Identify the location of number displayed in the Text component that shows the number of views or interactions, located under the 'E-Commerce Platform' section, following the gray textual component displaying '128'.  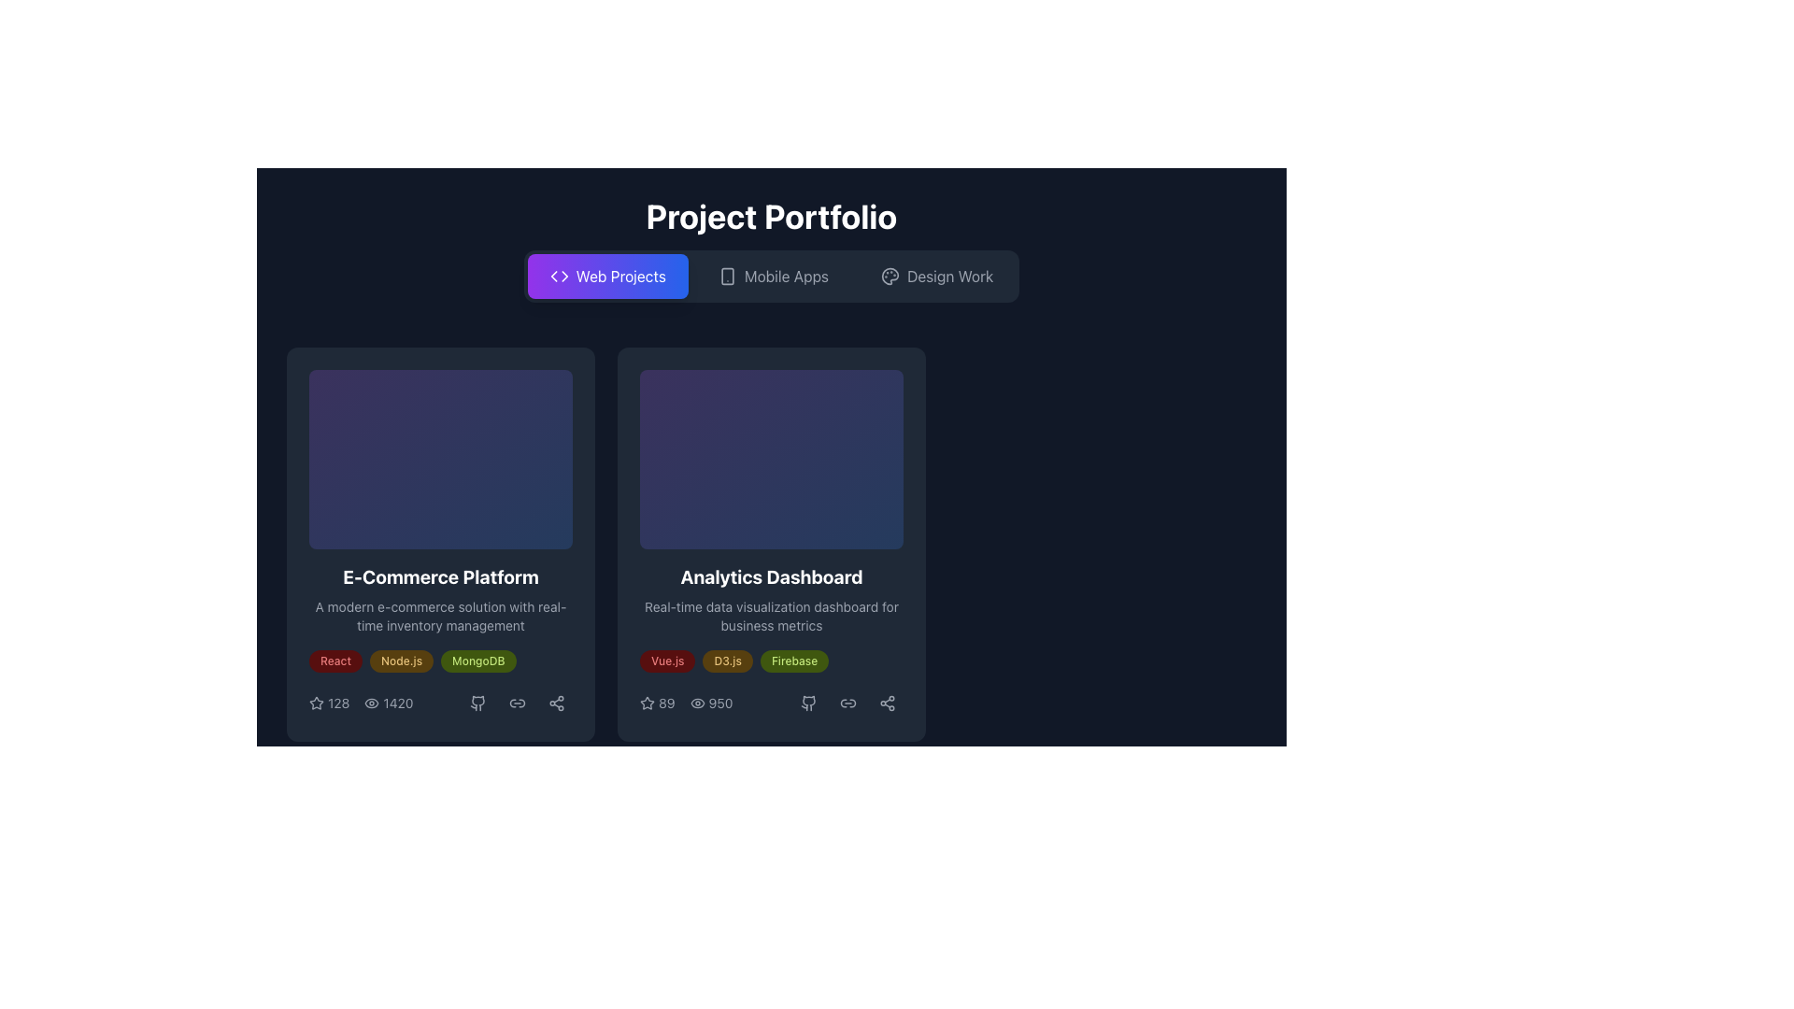
(361, 703).